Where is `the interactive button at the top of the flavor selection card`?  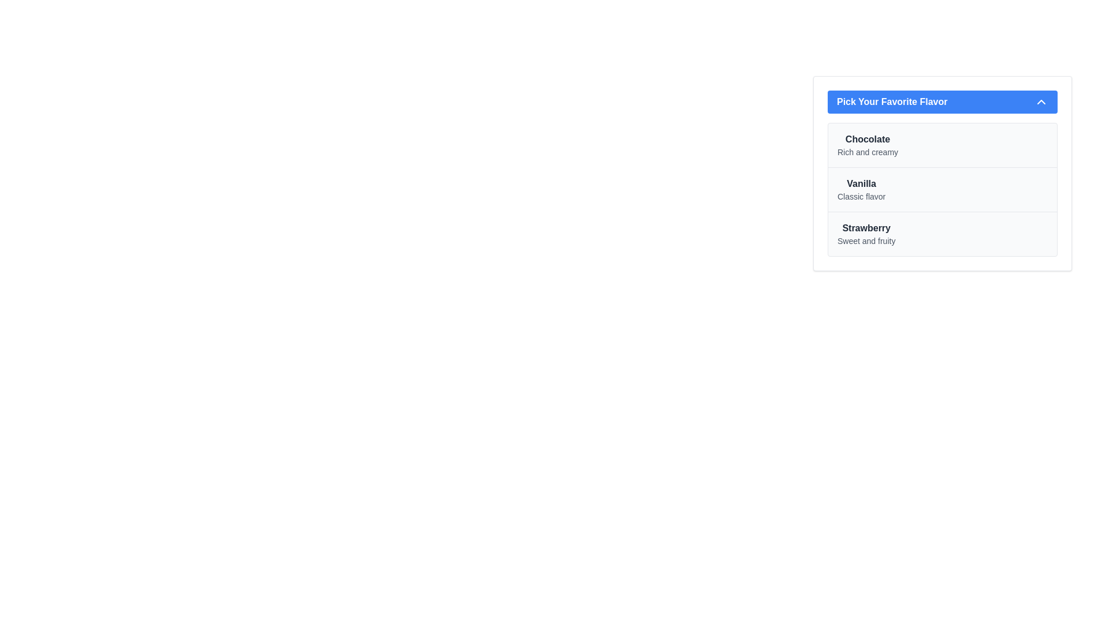
the interactive button at the top of the flavor selection card is located at coordinates (943, 102).